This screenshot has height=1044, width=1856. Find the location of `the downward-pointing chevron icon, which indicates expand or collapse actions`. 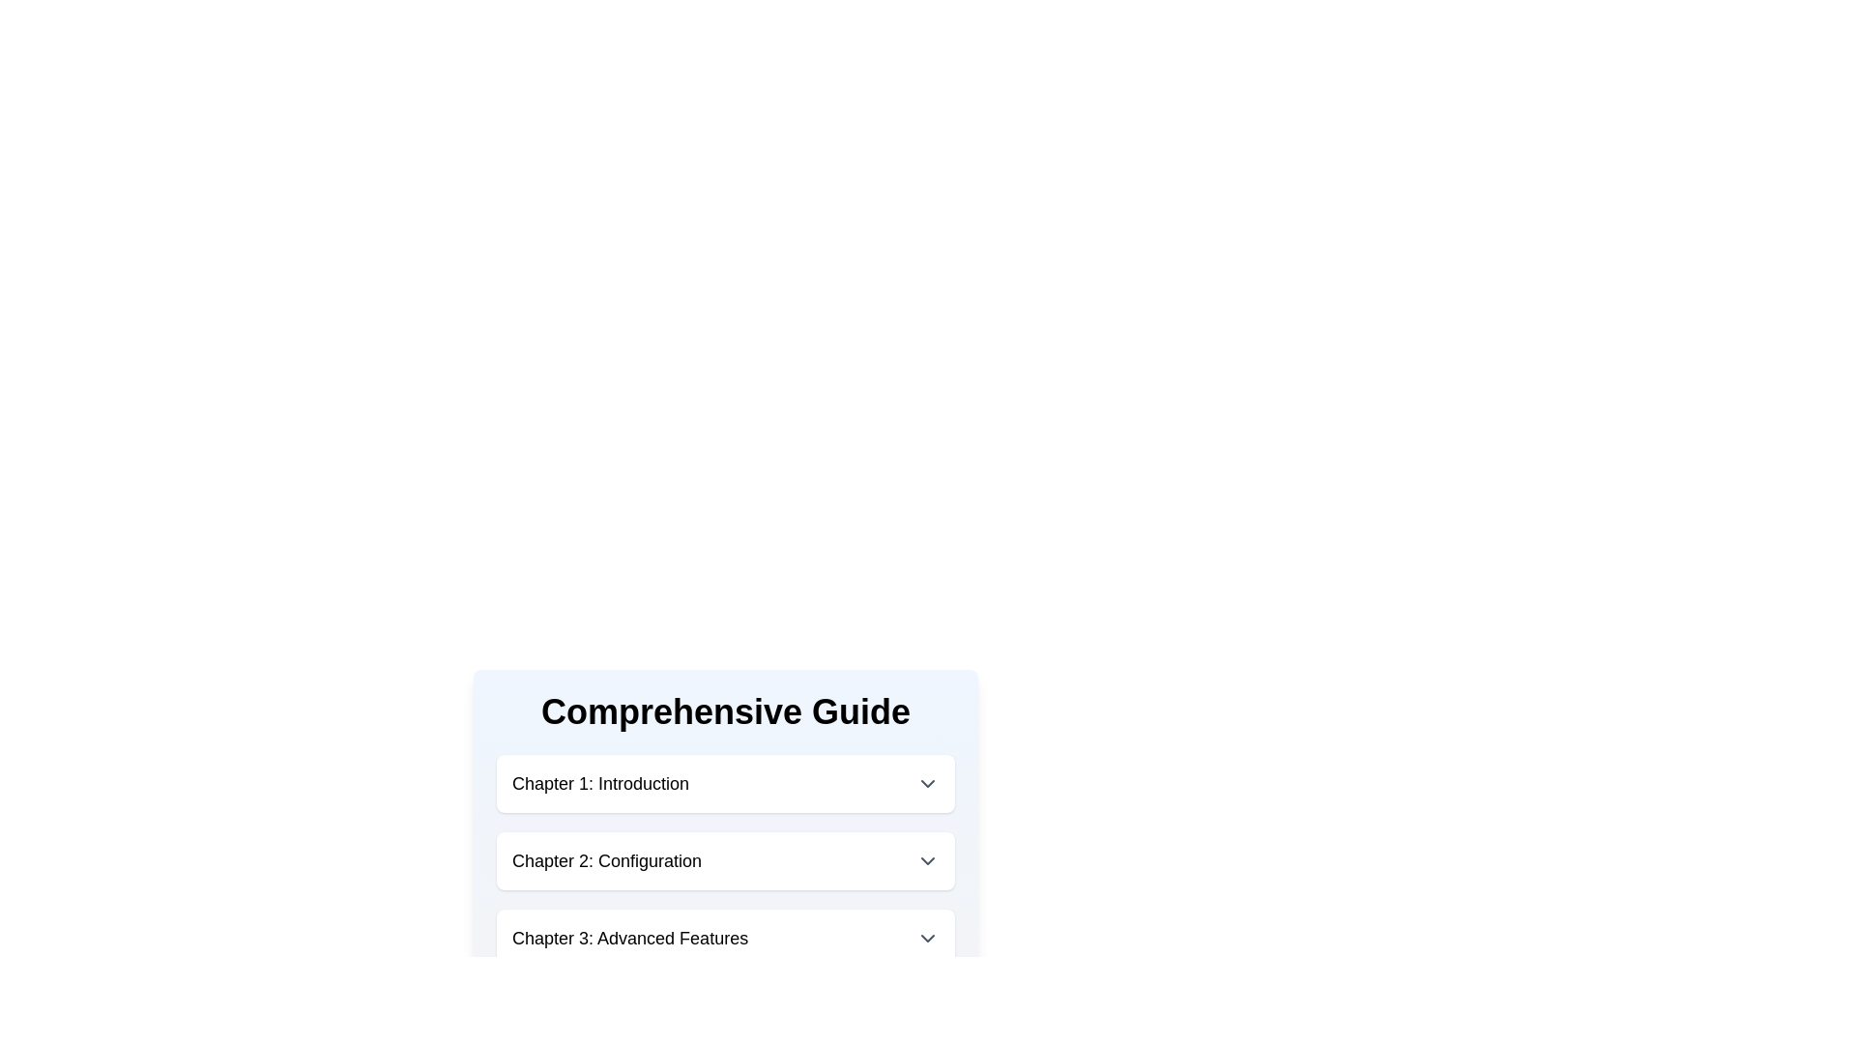

the downward-pointing chevron icon, which indicates expand or collapse actions is located at coordinates (928, 938).